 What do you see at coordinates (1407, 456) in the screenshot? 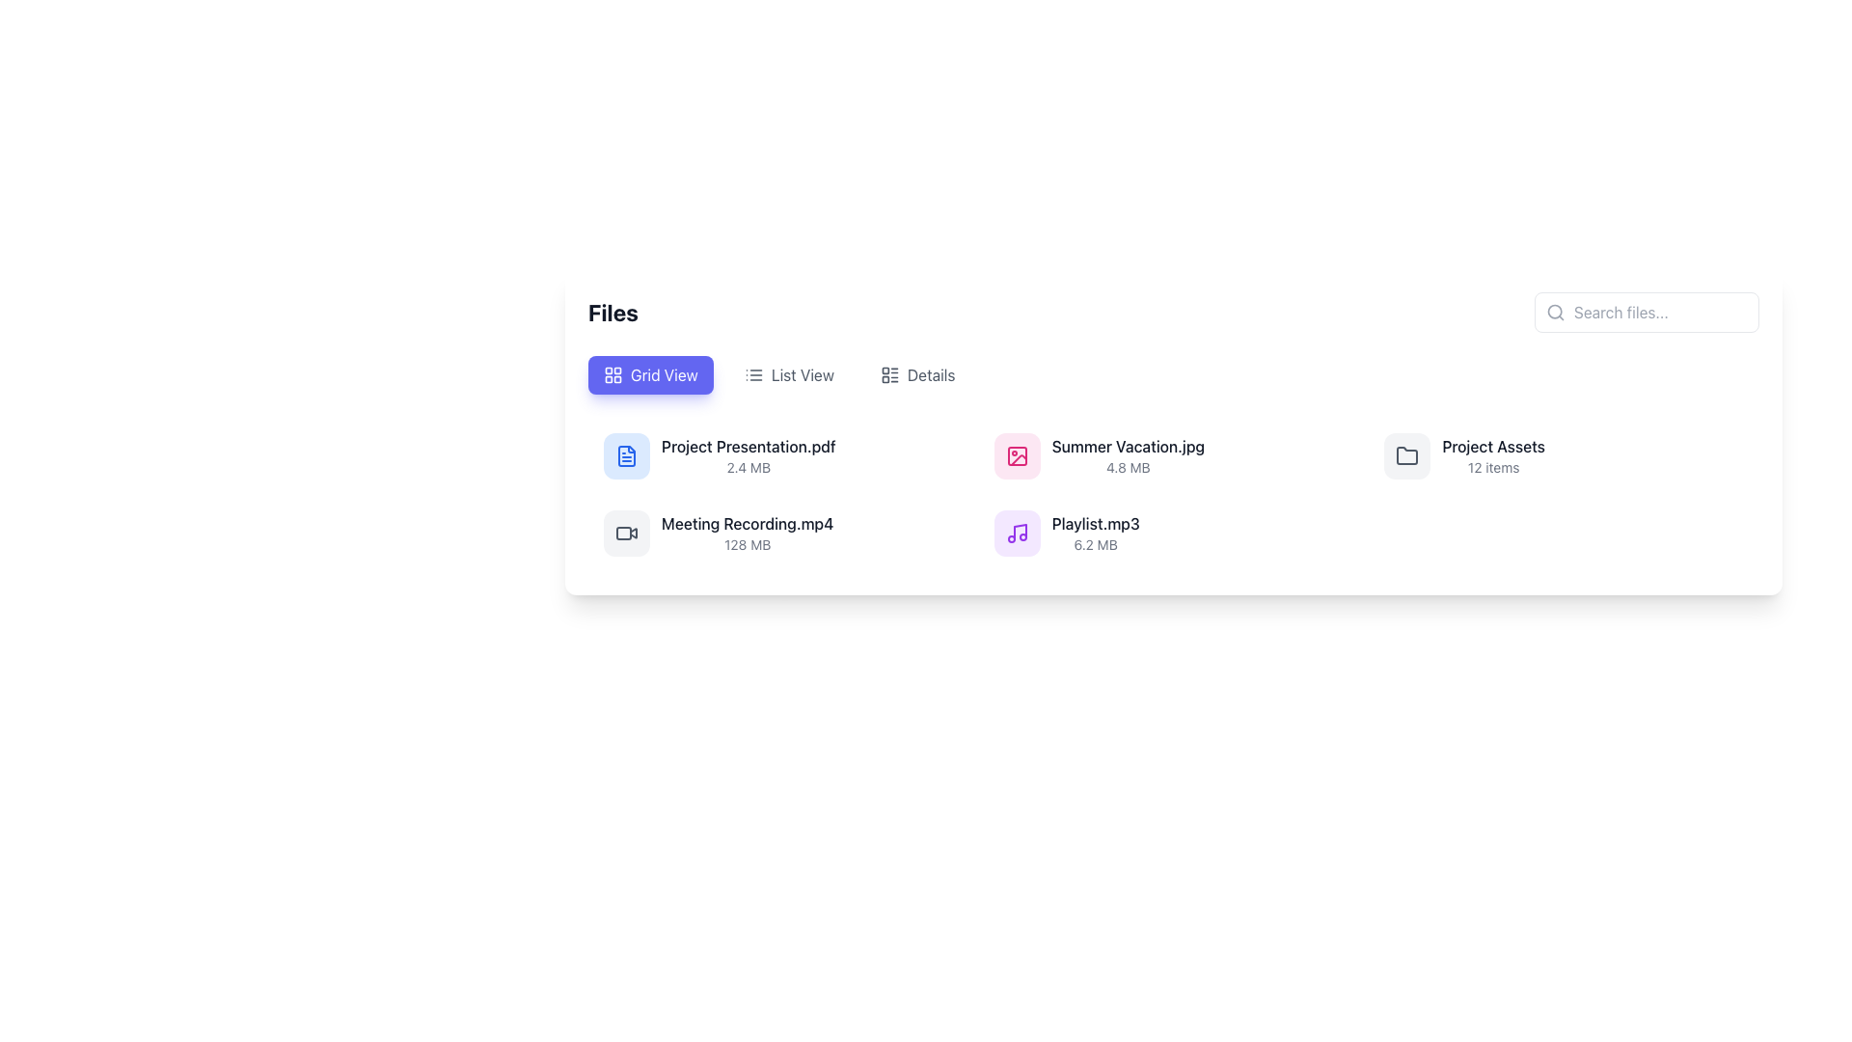
I see `the folder icon element, which is a rounded rectangle with a light gray background, located to the left of the text 'Project Assets' and '12 items.'` at bounding box center [1407, 456].